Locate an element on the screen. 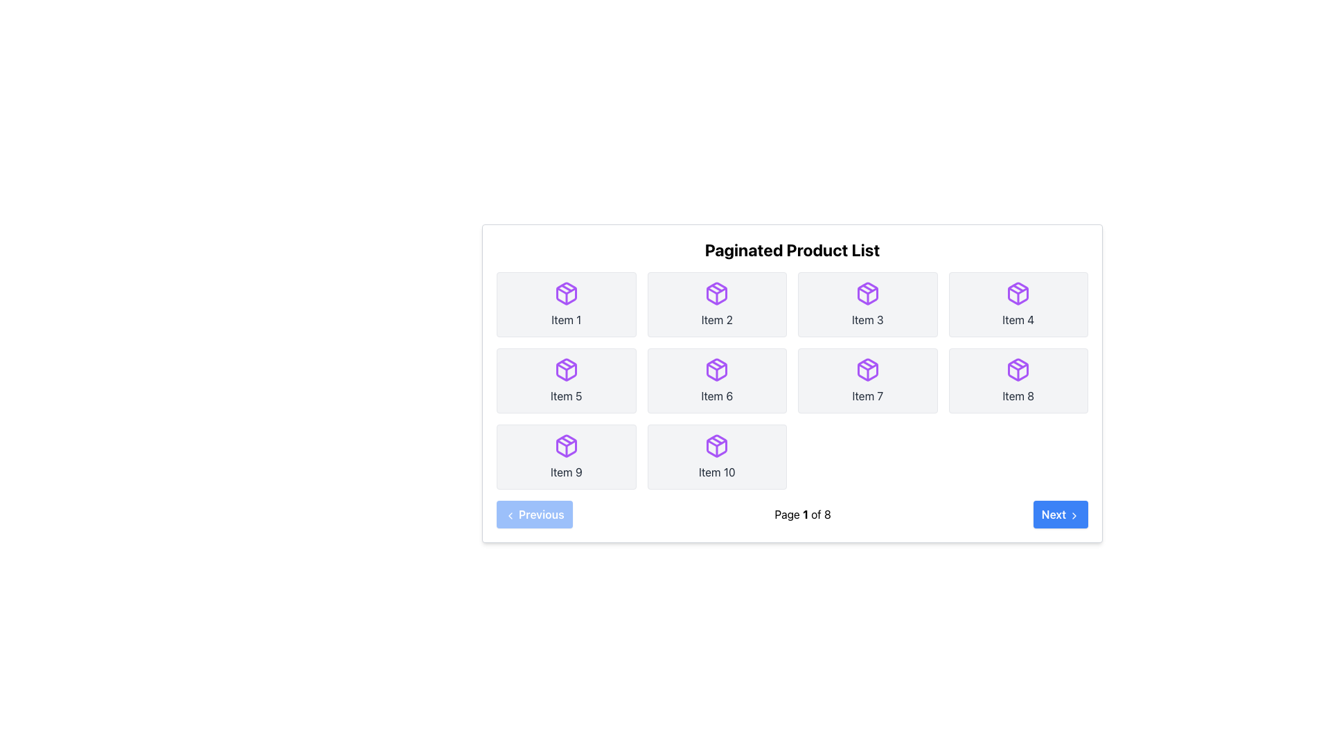 This screenshot has height=748, width=1330. the graphical icon representing 'Item 10', which has purple outlines and is located is located at coordinates (717, 446).